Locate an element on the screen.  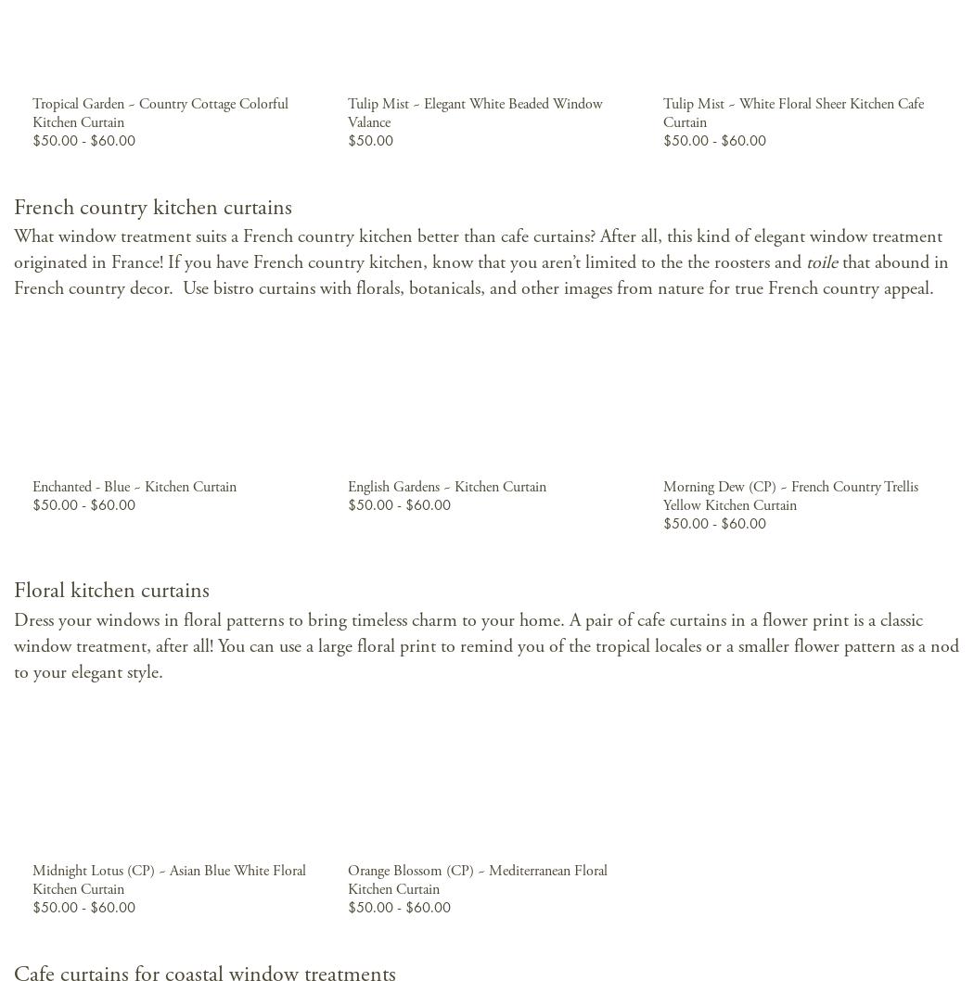
'that abound in French country decor.  Use bistro curtains with florals, botanicals, and other images from nature for true French country appeal.' is located at coordinates (14, 274).